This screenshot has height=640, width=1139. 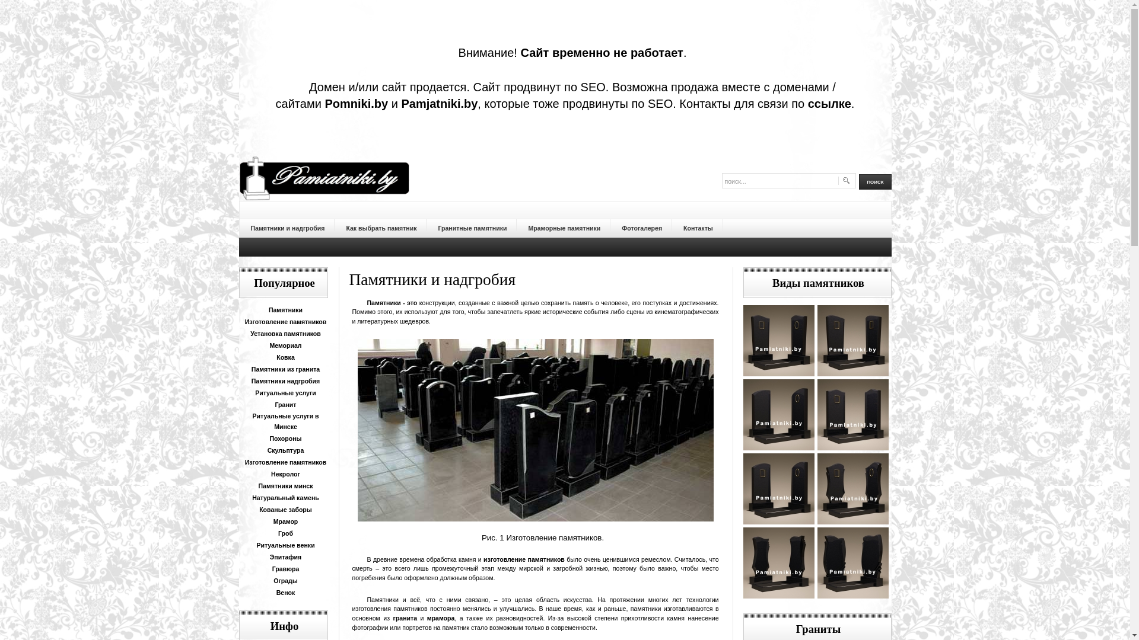 I want to click on 'Pomniki.by', so click(x=324, y=103).